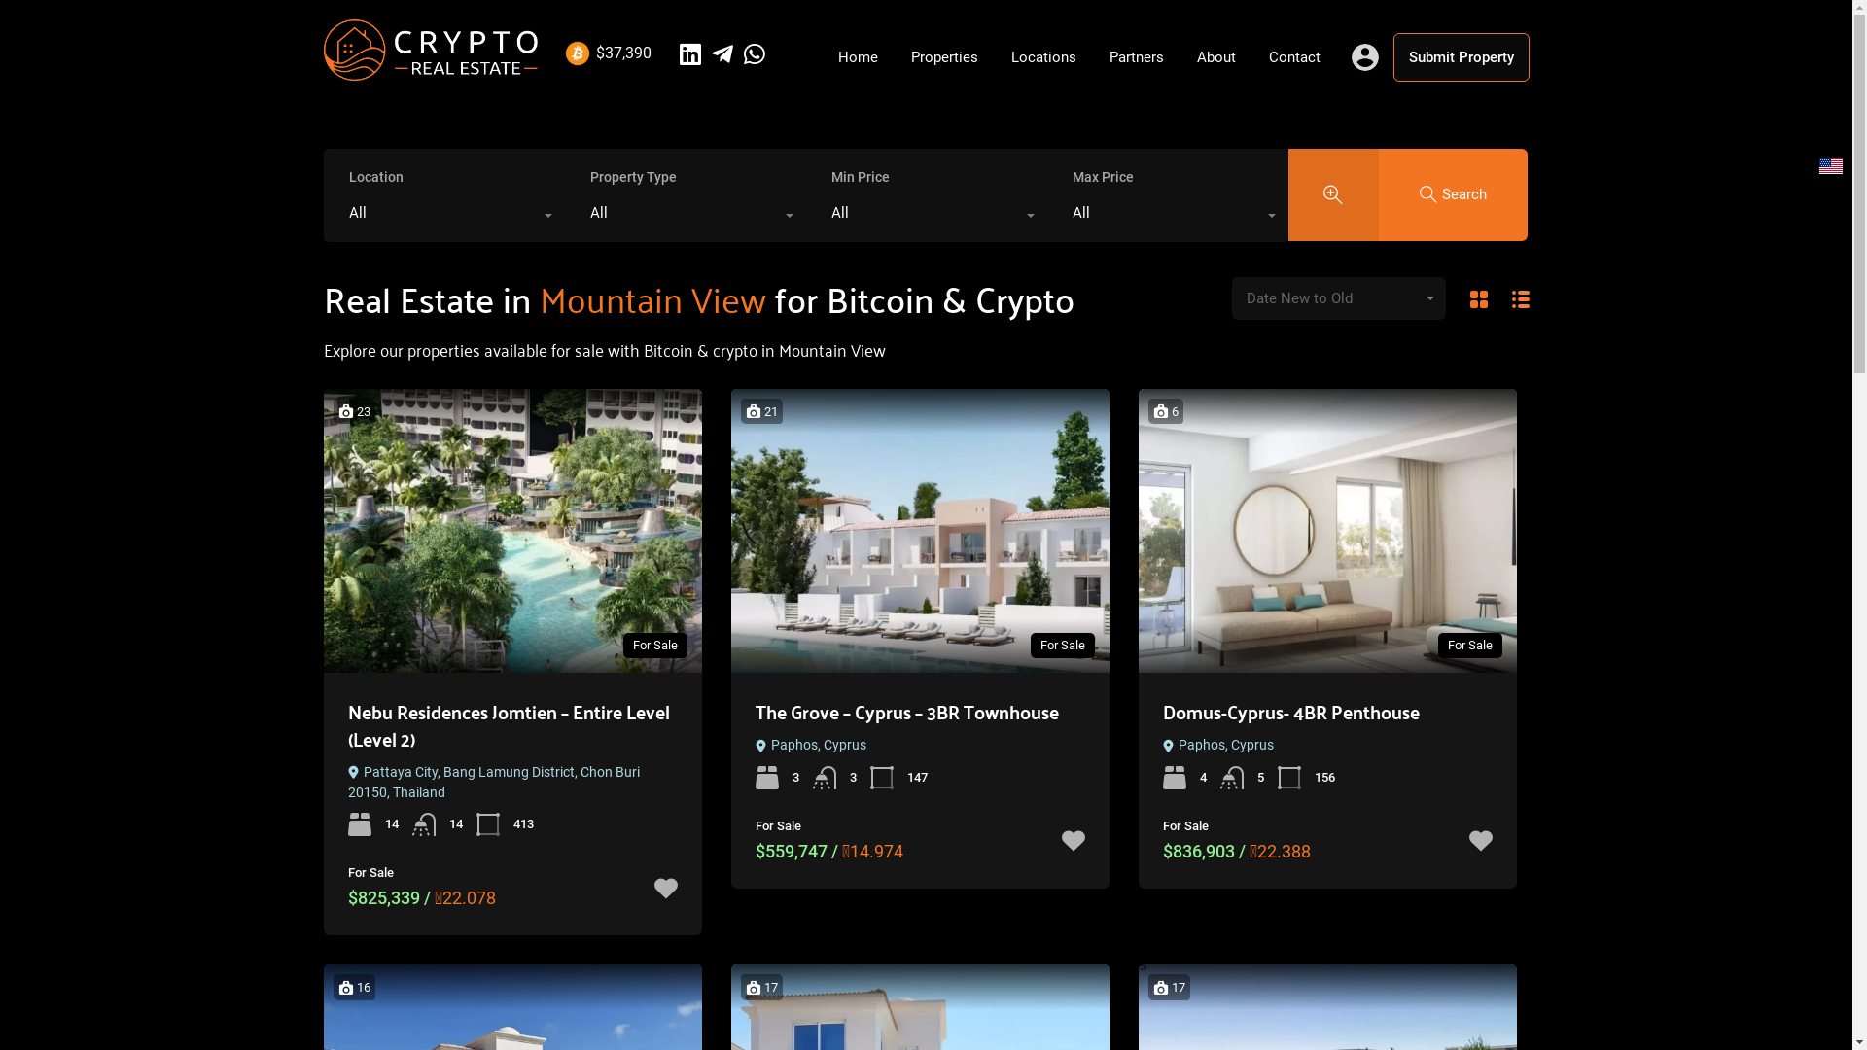 This screenshot has width=1867, height=1050. I want to click on 'All', so click(442, 217).